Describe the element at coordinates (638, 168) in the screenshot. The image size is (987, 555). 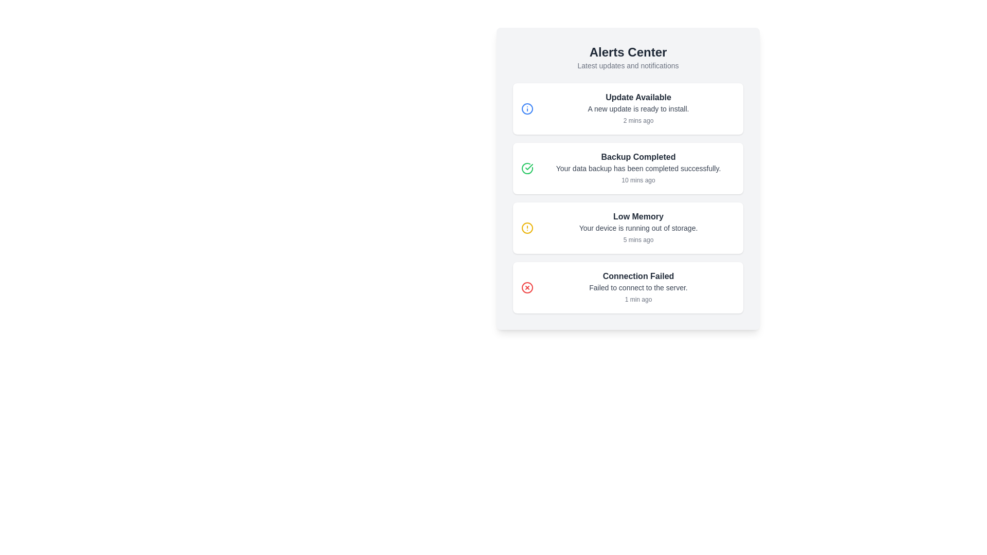
I see `the Notification card that indicates the successful completion of the data backup process, which is the second notification in the Alerts Center` at that location.